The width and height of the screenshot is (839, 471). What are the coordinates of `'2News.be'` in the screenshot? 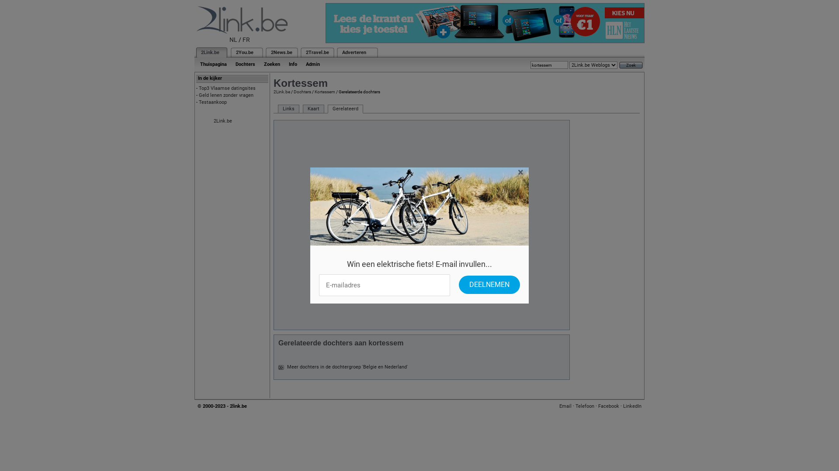 It's located at (281, 52).